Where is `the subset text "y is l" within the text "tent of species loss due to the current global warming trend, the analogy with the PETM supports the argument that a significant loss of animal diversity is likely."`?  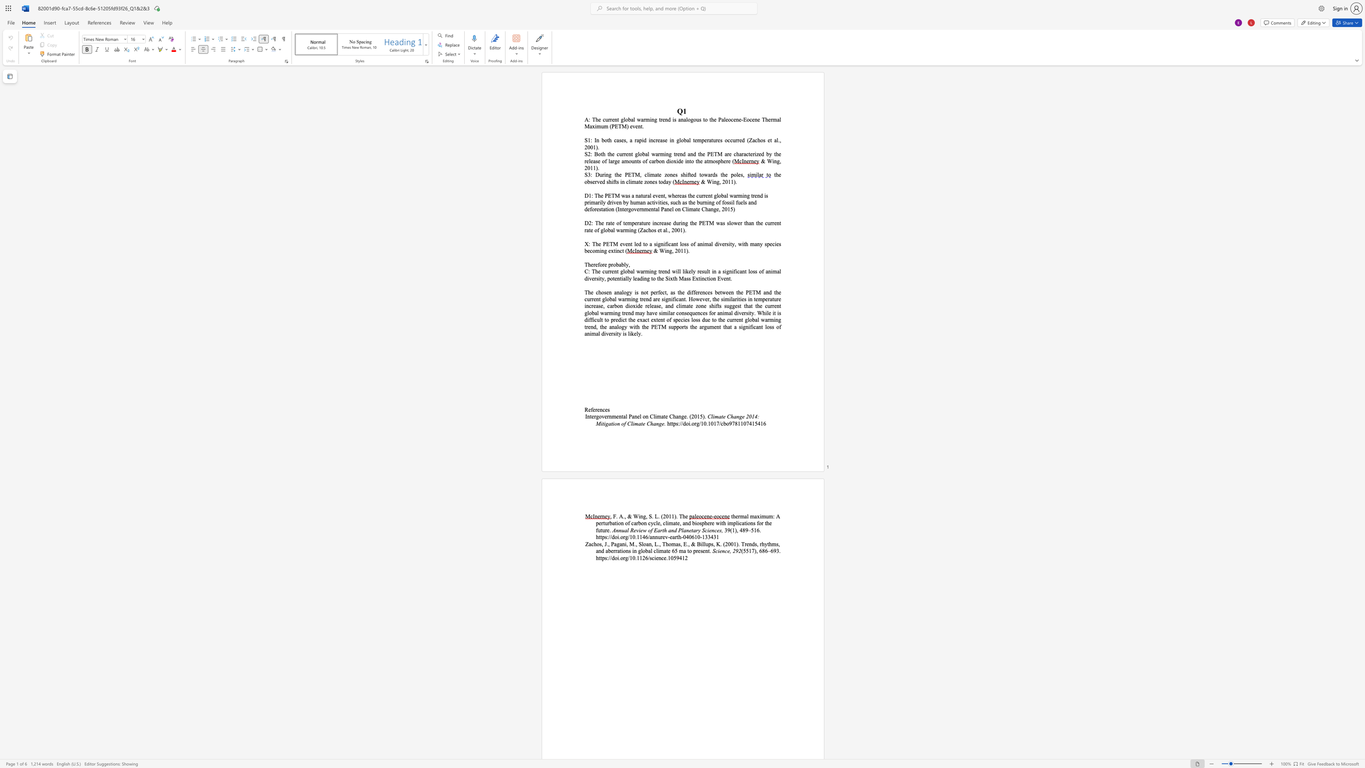
the subset text "y is l" within the text "tent of species loss due to the current global warming trend, the analogy with the PETM supports the argument that a significant loss of animal diversity is likely." is located at coordinates (617, 333).